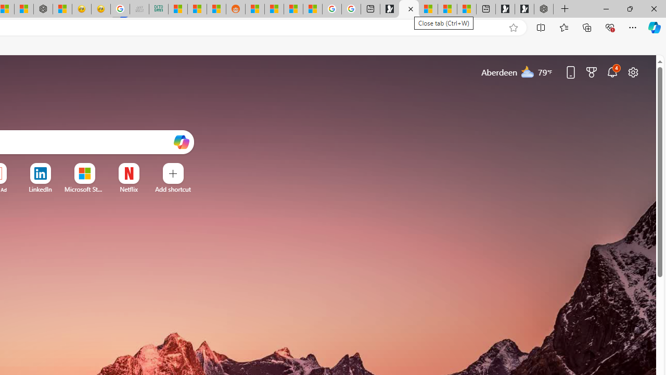 The height and width of the screenshot is (375, 666). I want to click on 'Netflix', so click(128, 189).